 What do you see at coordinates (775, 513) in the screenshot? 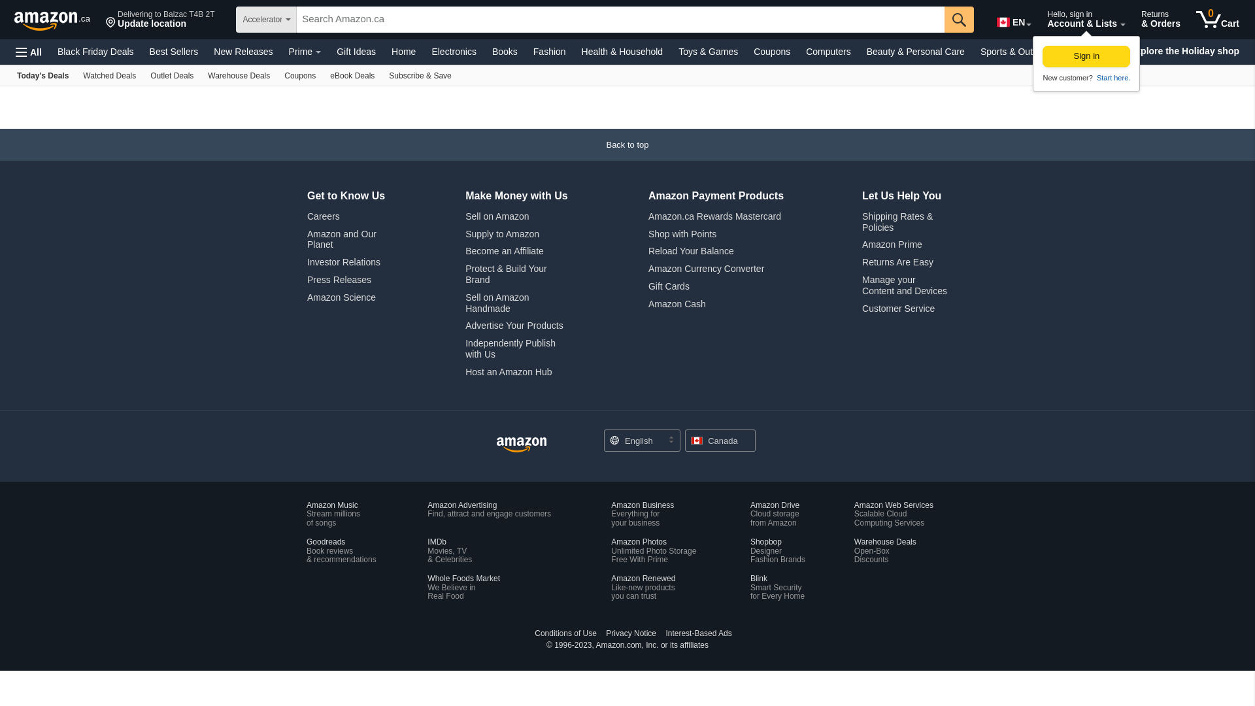
I see `'Amazon Drive` at bounding box center [775, 513].